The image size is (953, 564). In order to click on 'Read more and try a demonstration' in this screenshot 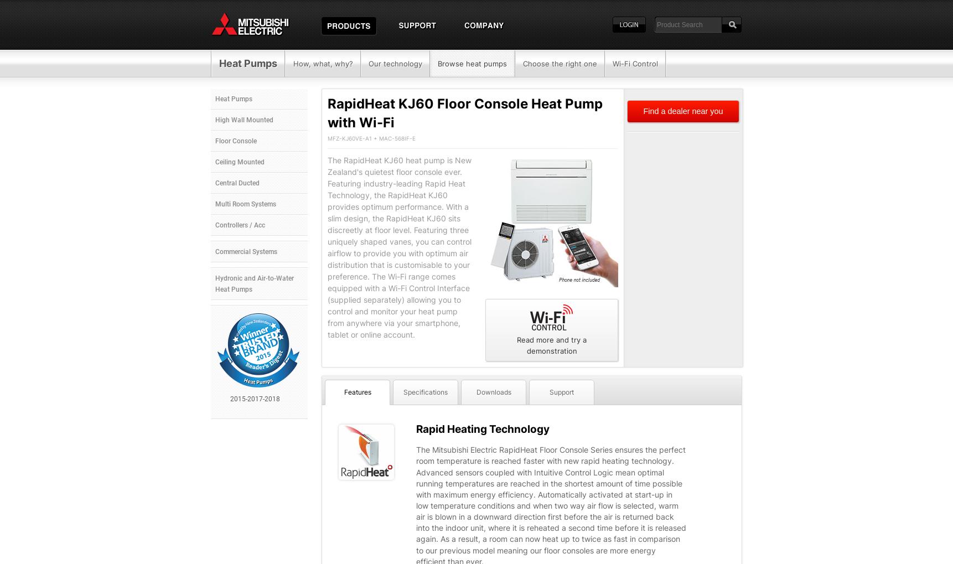, I will do `click(552, 345)`.